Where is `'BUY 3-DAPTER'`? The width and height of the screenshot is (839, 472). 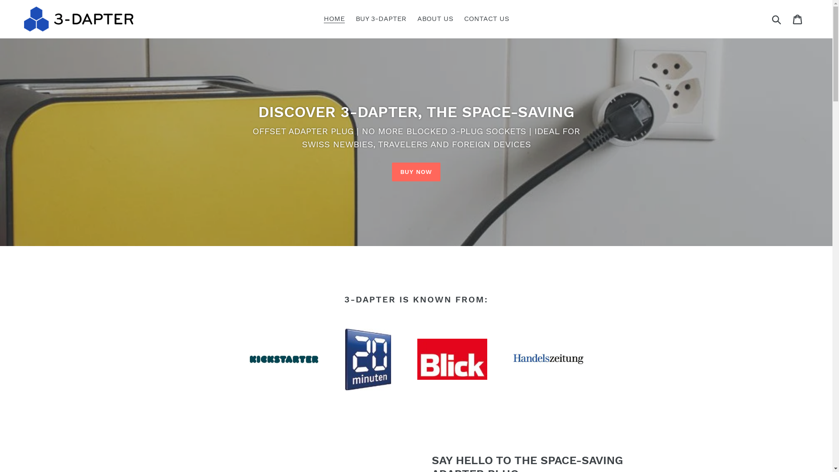 'BUY 3-DAPTER' is located at coordinates (381, 18).